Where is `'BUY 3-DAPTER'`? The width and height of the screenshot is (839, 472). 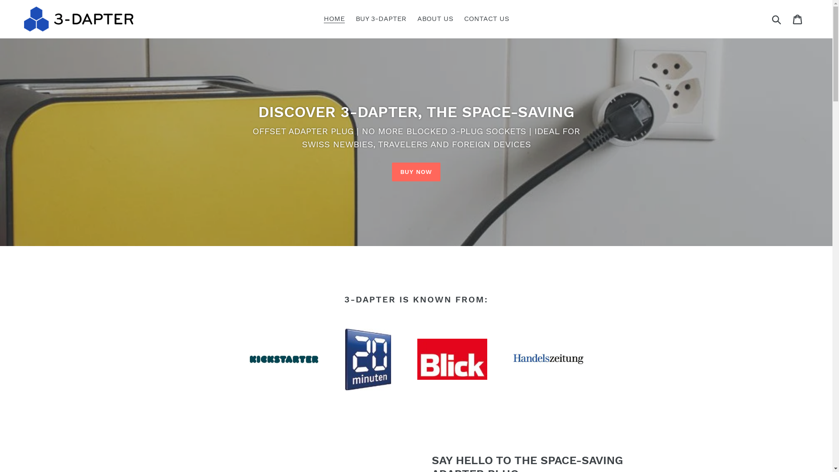 'BUY 3-DAPTER' is located at coordinates (381, 18).